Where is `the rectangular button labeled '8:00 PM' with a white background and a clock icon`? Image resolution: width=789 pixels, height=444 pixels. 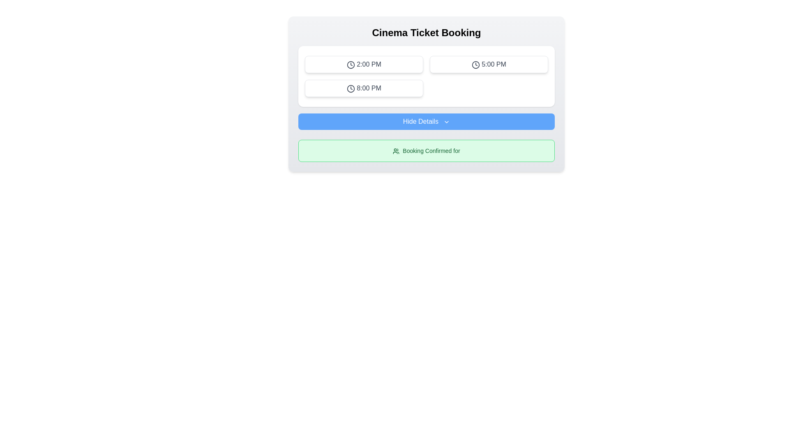
the rectangular button labeled '8:00 PM' with a white background and a clock icon is located at coordinates (364, 88).